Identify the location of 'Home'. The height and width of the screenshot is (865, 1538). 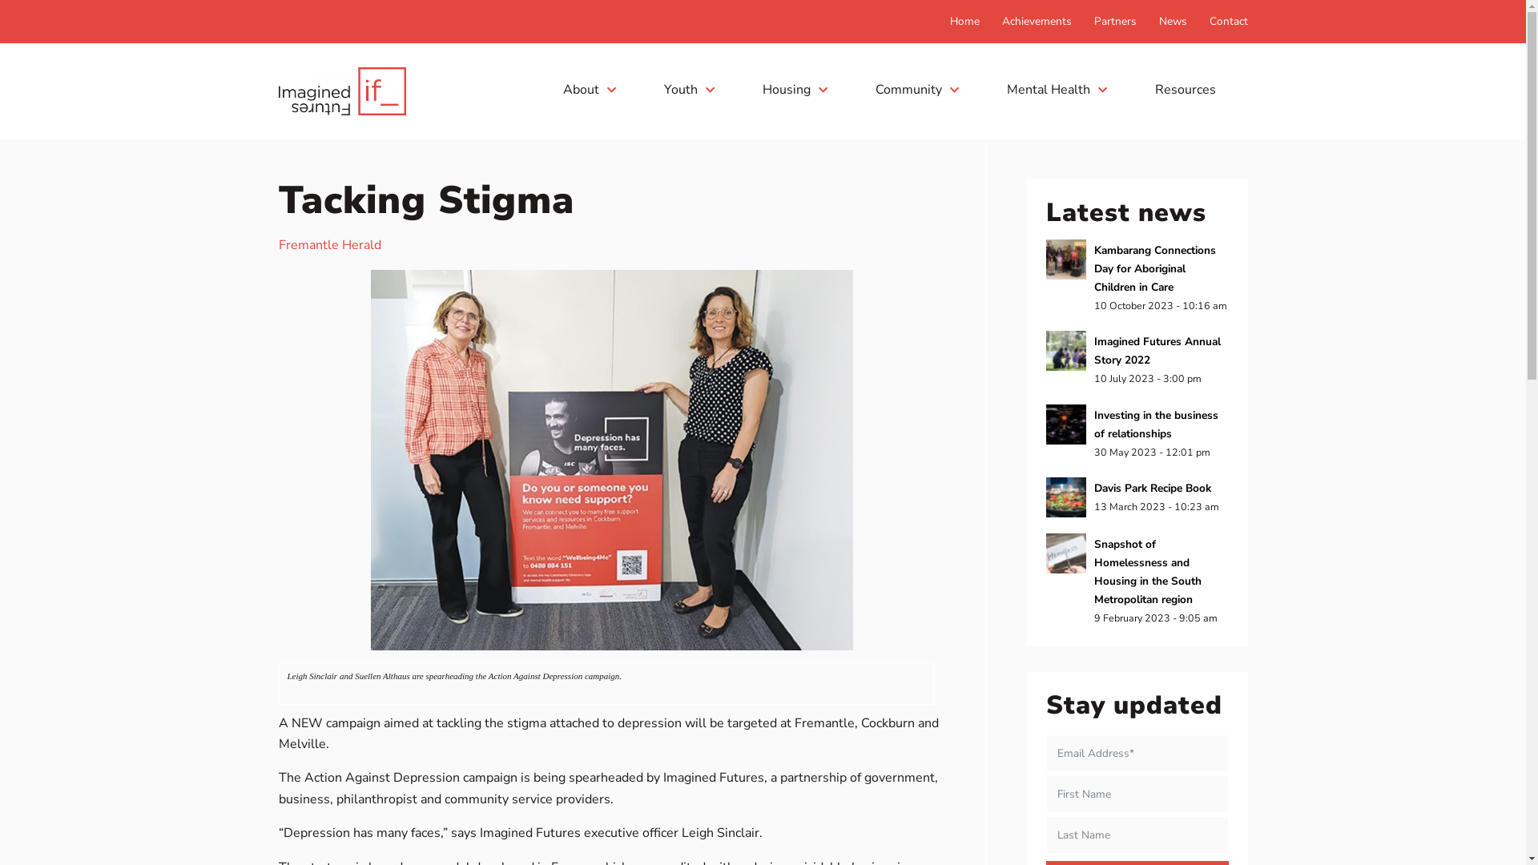
(949, 21).